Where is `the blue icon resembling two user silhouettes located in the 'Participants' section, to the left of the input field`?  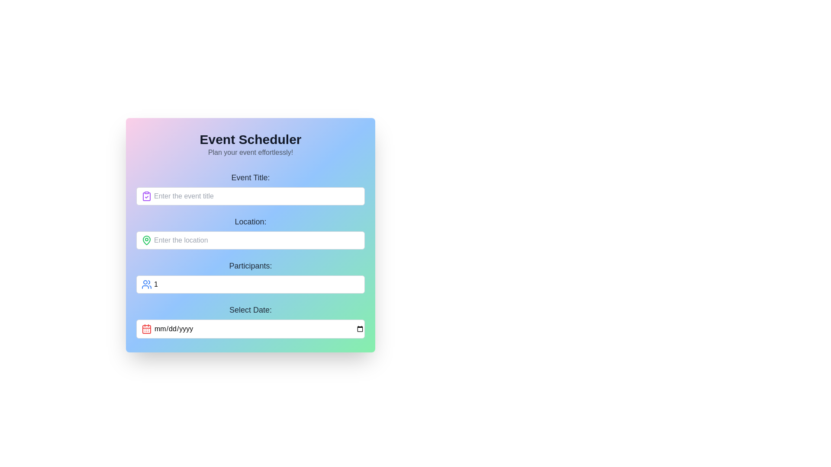
the blue icon resembling two user silhouettes located in the 'Participants' section, to the left of the input field is located at coordinates (147, 285).